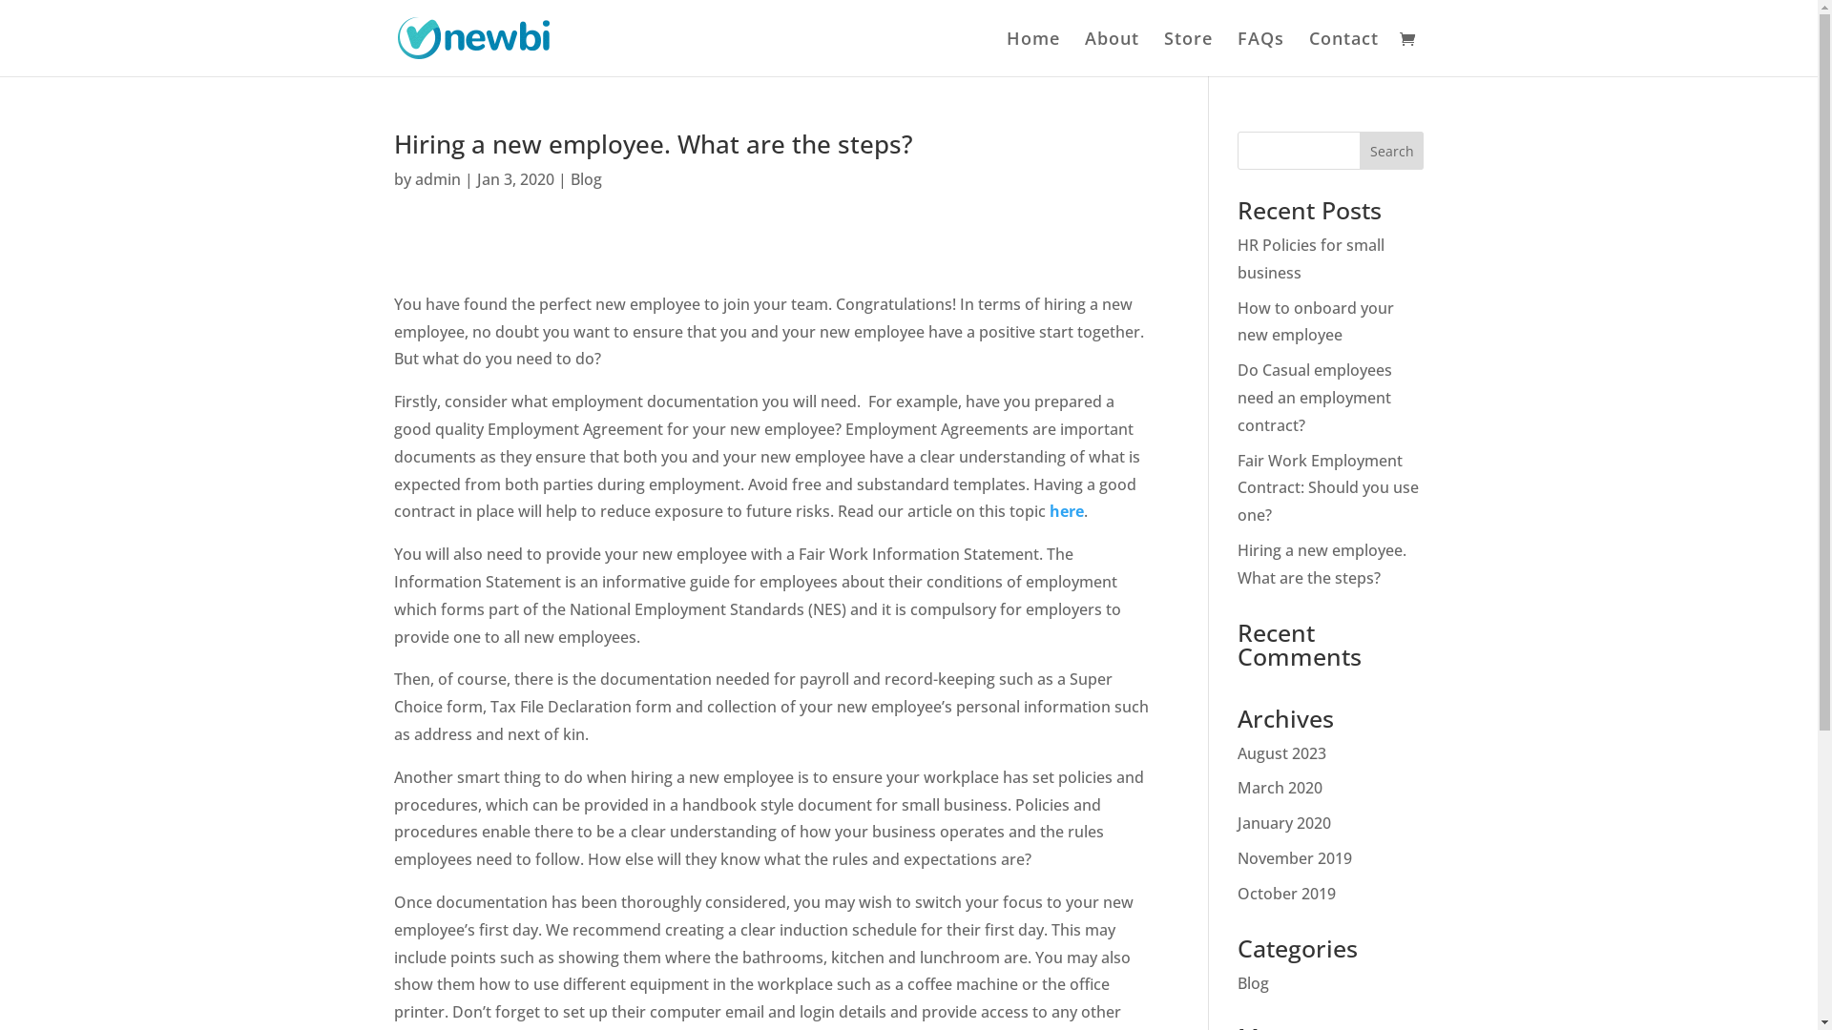 This screenshot has width=1832, height=1030. I want to click on 'HR Policies for small business', so click(1309, 258).